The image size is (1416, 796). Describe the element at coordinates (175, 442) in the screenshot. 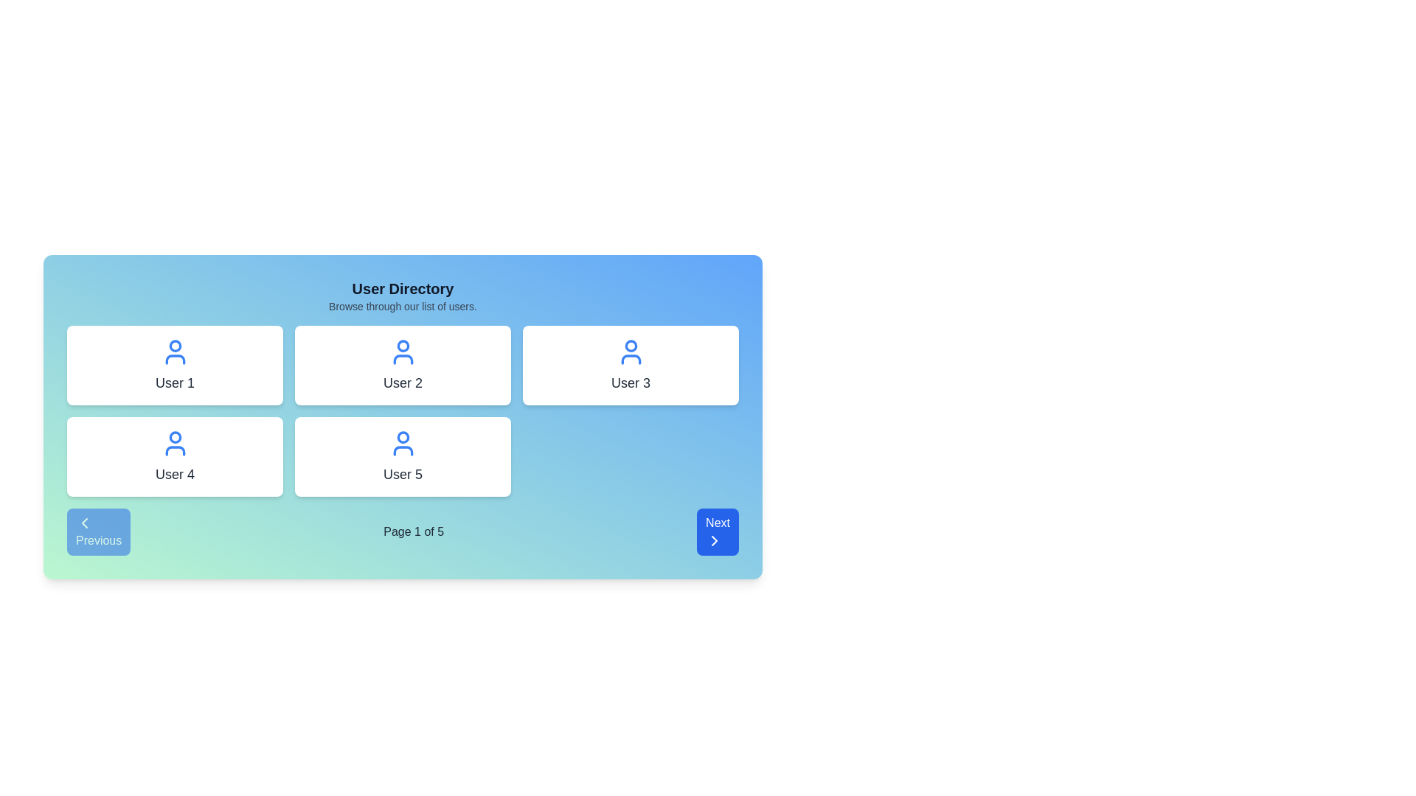

I see `the blue user icon located at the top of the 'User 4' card in the bottom-left part of the user grid` at that location.